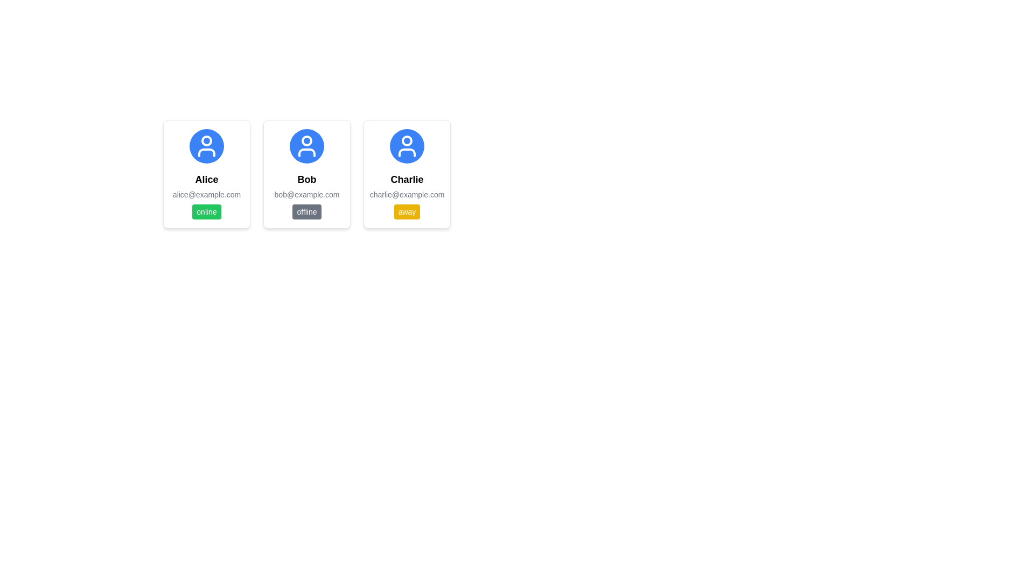 This screenshot has width=1034, height=581. What do you see at coordinates (406, 146) in the screenshot?
I see `the circular blue Icon button with a white user profile figure located in the center of the card titled 'Charlie'` at bounding box center [406, 146].